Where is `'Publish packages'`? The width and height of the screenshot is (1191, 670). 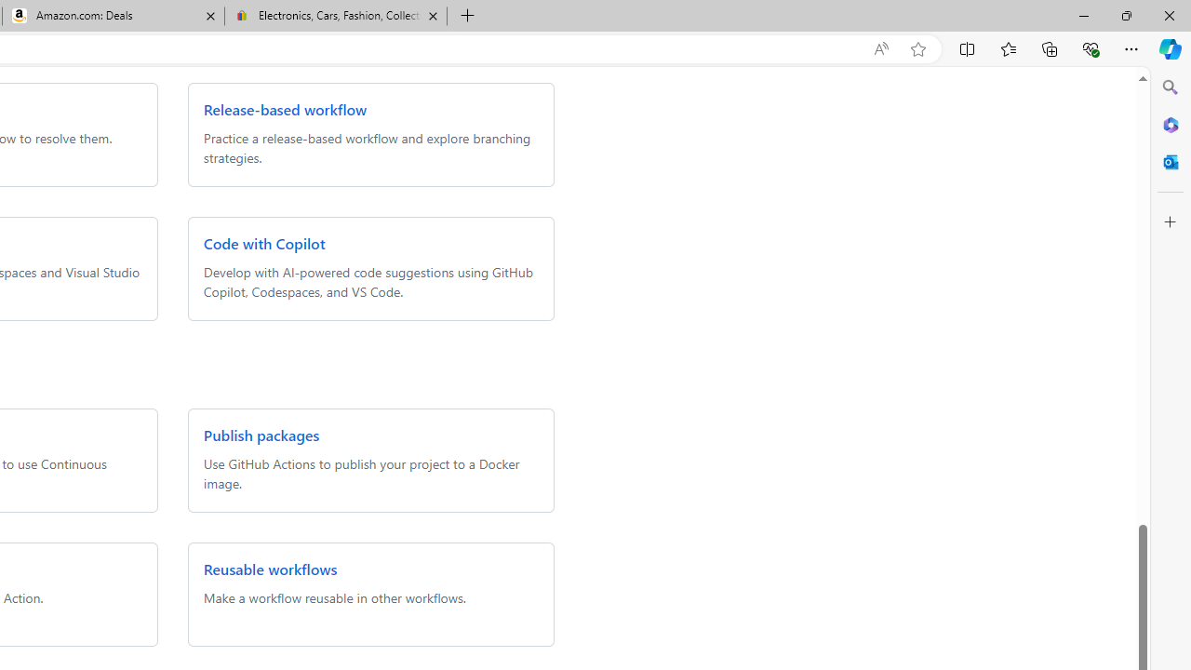 'Publish packages' is located at coordinates (260, 435).